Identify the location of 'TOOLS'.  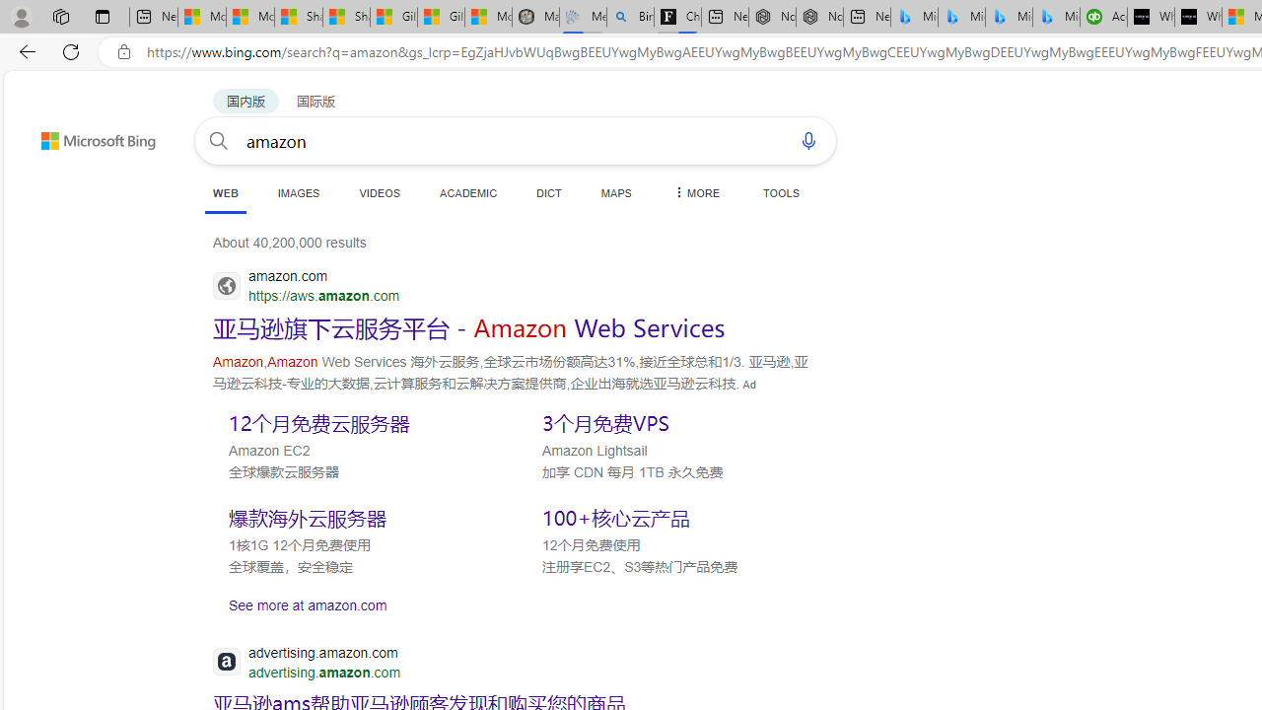
(780, 192).